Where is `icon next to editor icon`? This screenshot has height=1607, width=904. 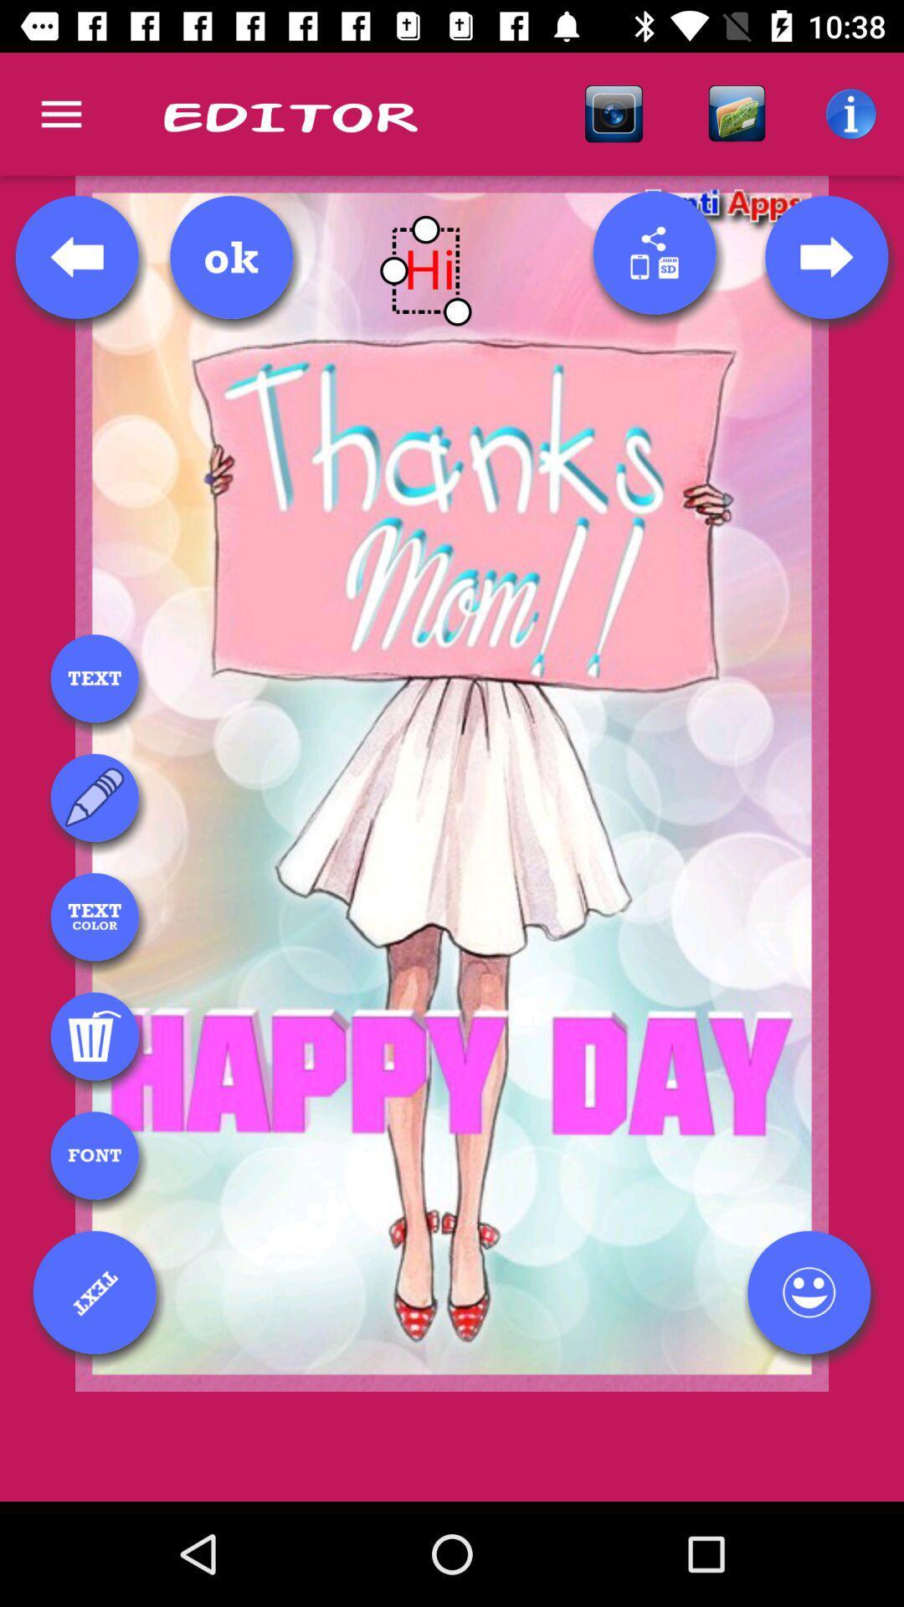 icon next to editor icon is located at coordinates (60, 113).